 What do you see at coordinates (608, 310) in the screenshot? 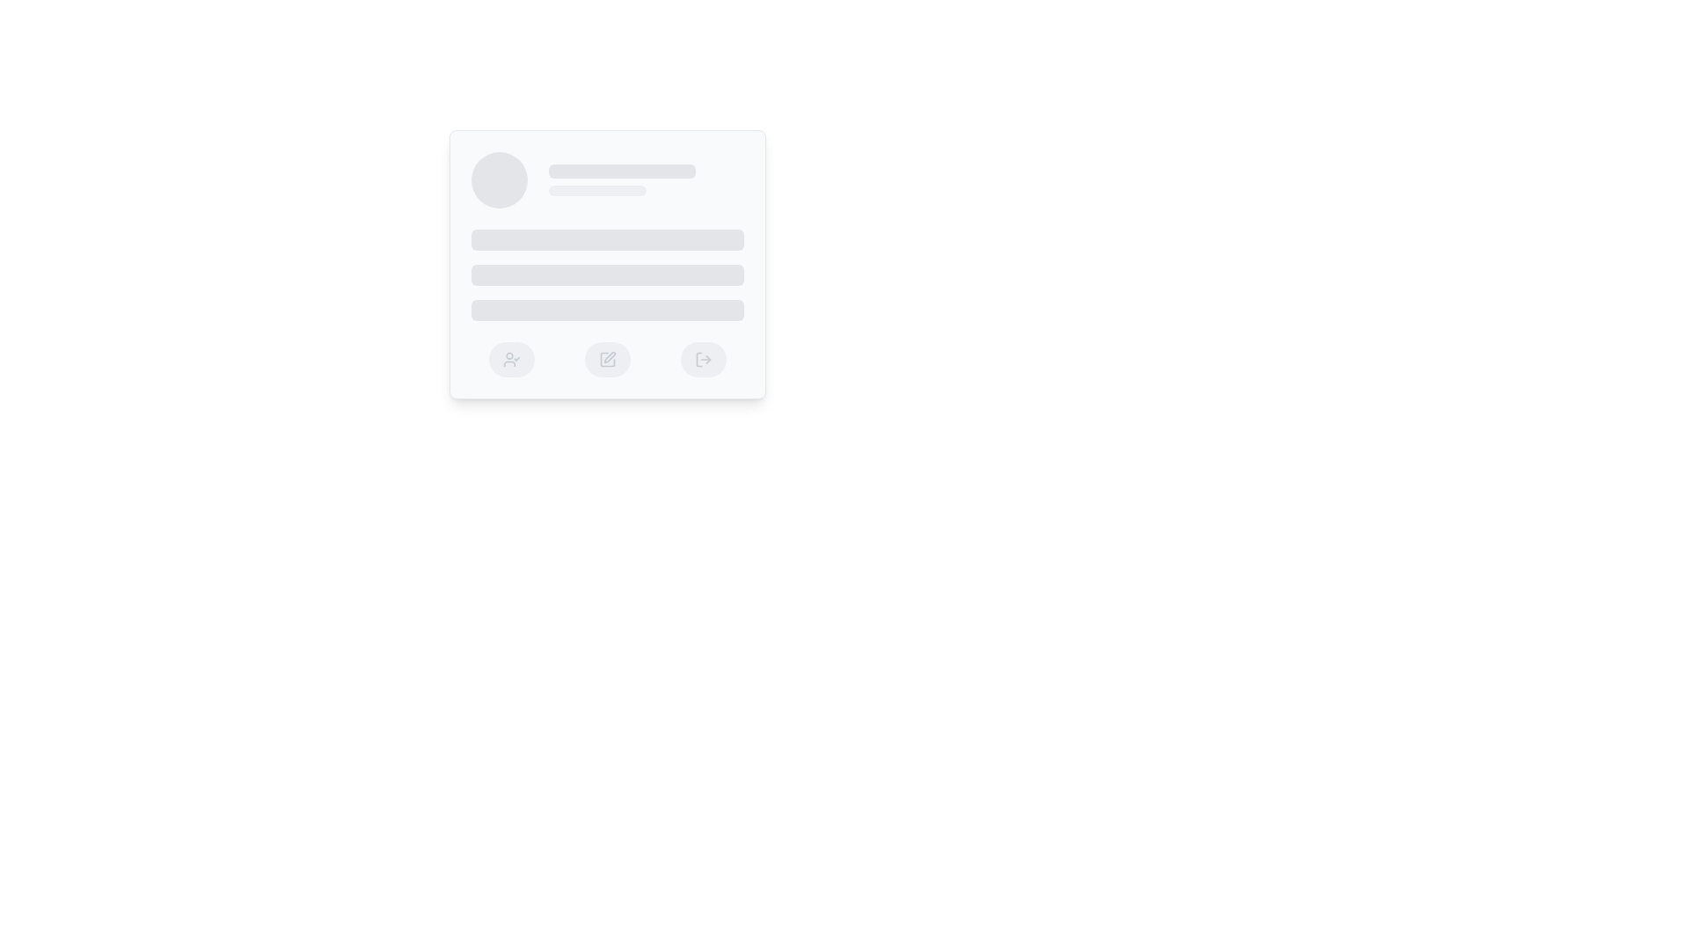
I see `the loading indicator element, which is the third component in a vertical stack of similar elements, indicating a loading state for content` at bounding box center [608, 310].